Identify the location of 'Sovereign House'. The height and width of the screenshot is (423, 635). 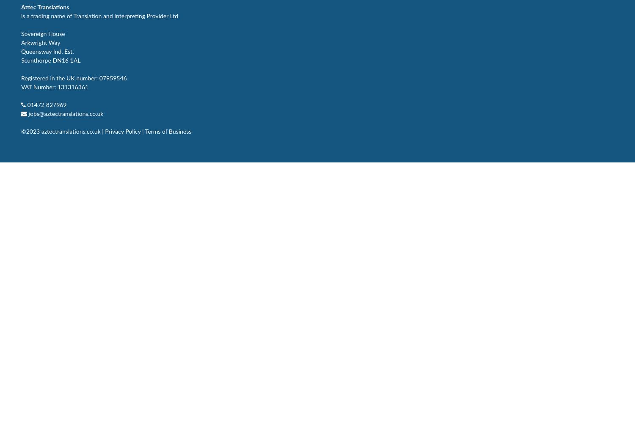
(42, 33).